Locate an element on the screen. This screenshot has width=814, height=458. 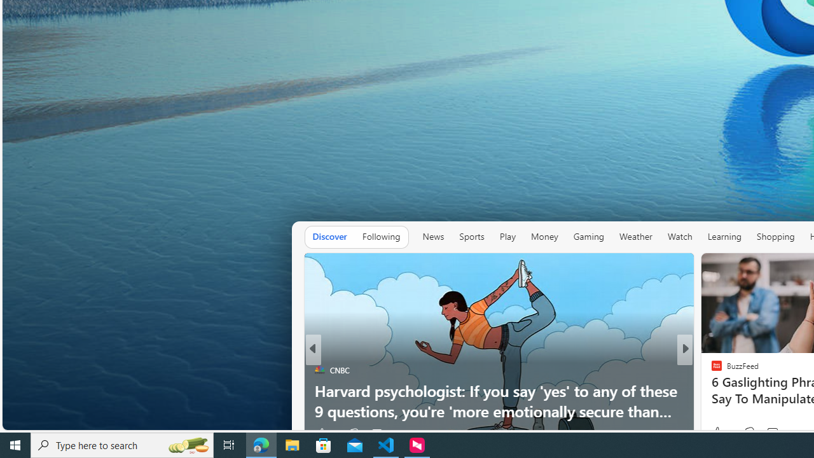
'Gaming' is located at coordinates (588, 237).